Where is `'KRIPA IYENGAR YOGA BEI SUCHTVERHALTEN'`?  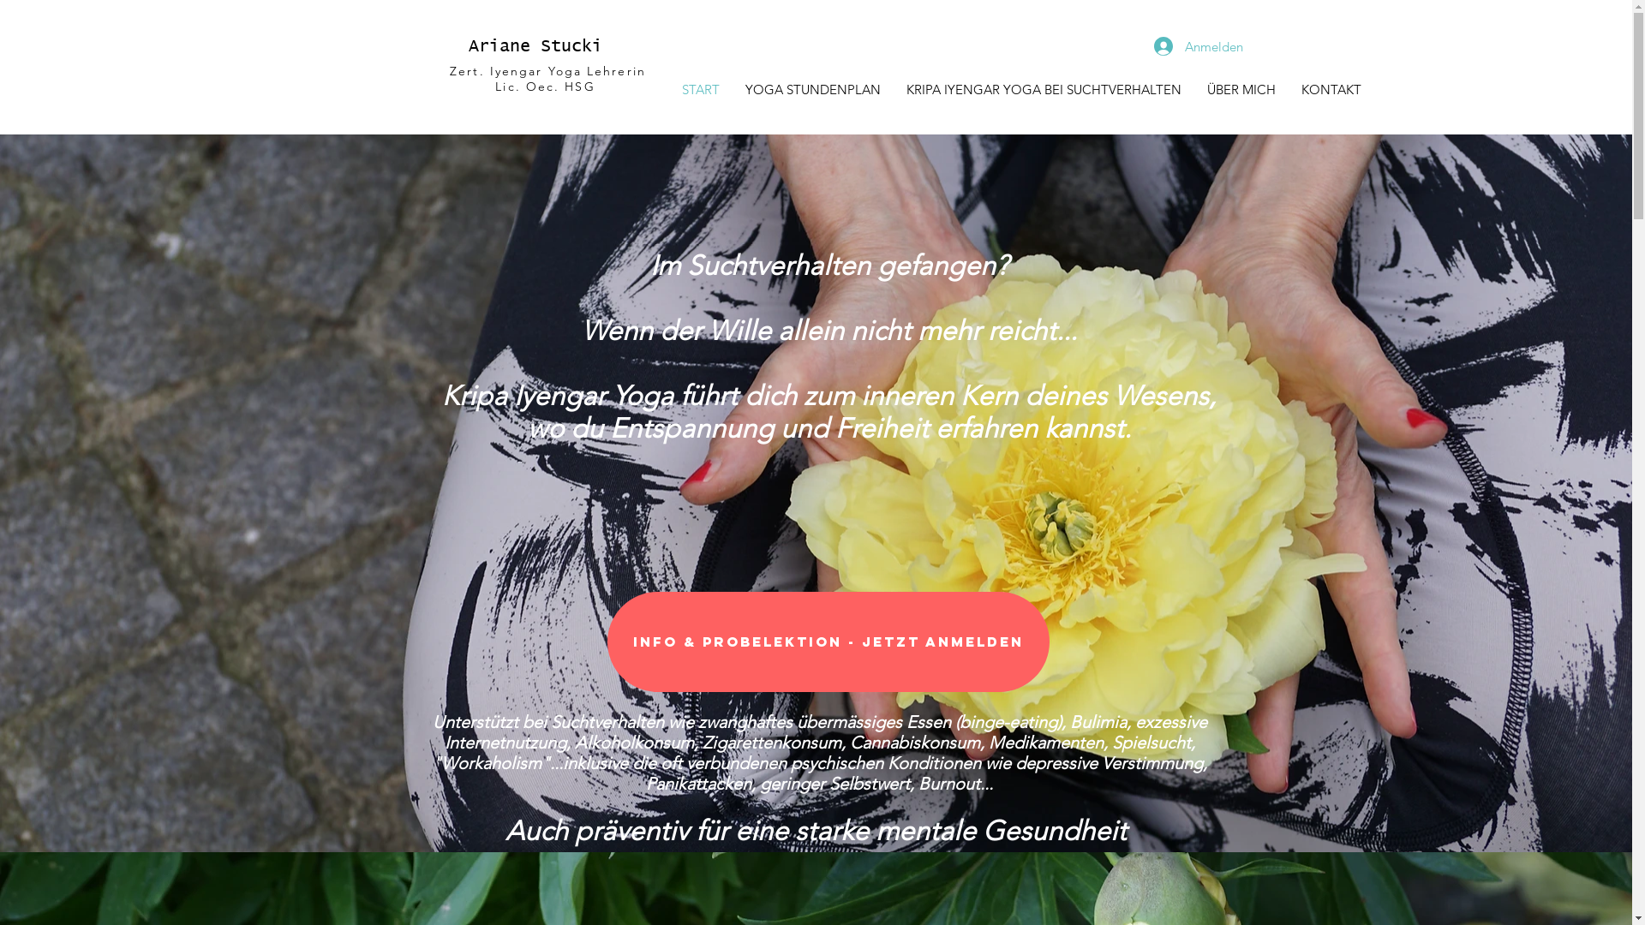
'KRIPA IYENGAR YOGA BEI SUCHTVERHALTEN' is located at coordinates (1042, 89).